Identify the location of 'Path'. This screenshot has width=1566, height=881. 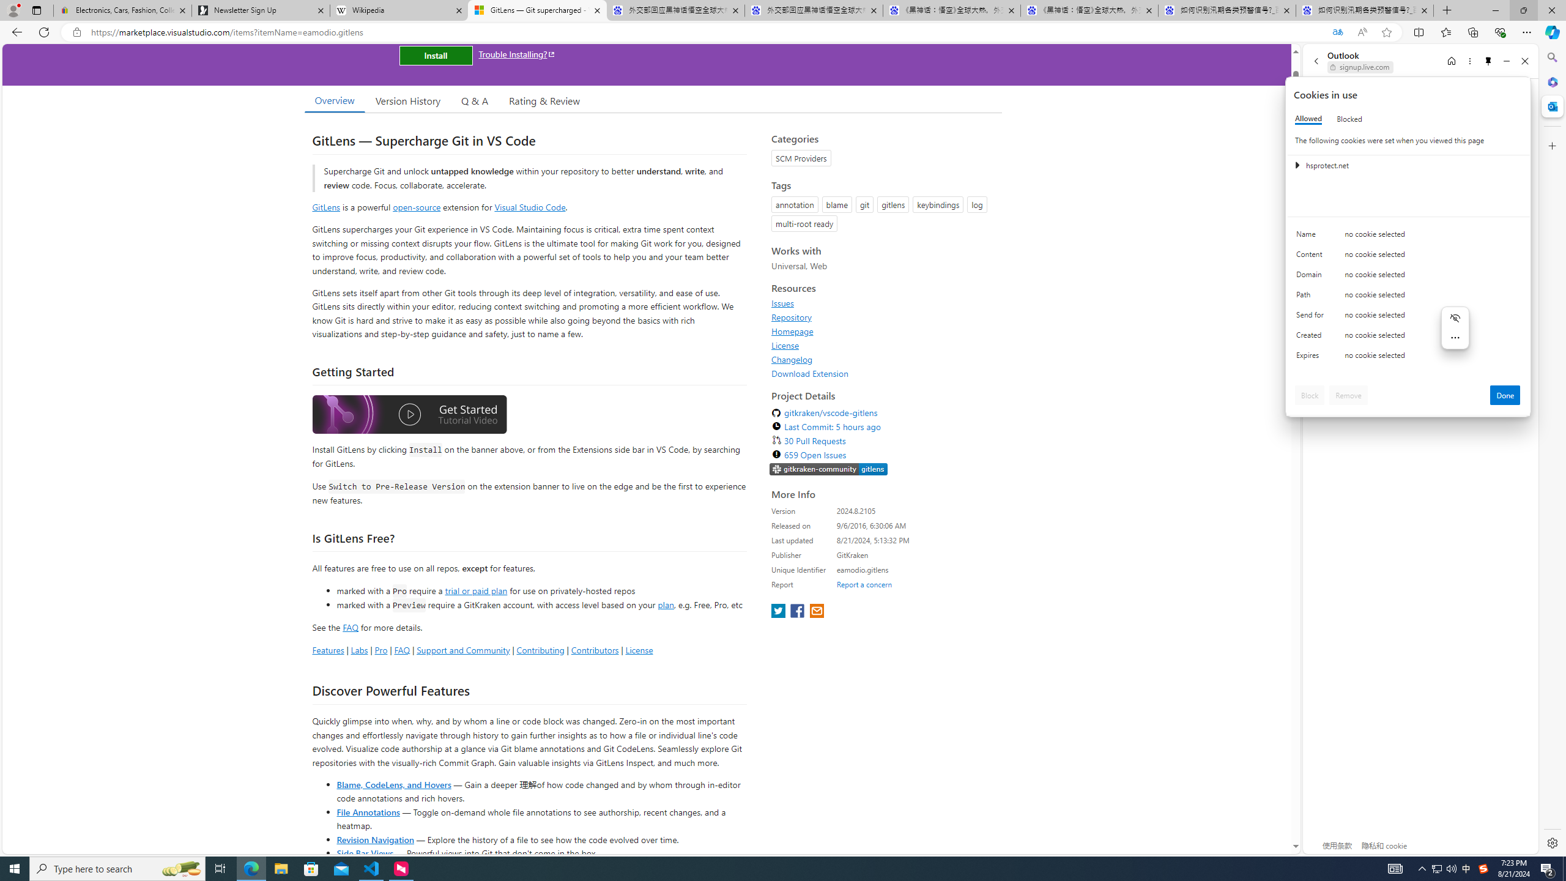
(1312, 297).